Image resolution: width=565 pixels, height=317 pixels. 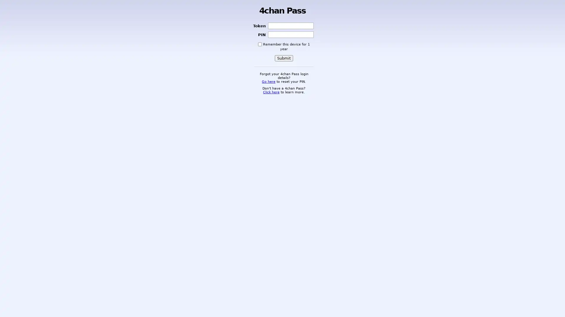 I want to click on Submit, so click(x=284, y=58).